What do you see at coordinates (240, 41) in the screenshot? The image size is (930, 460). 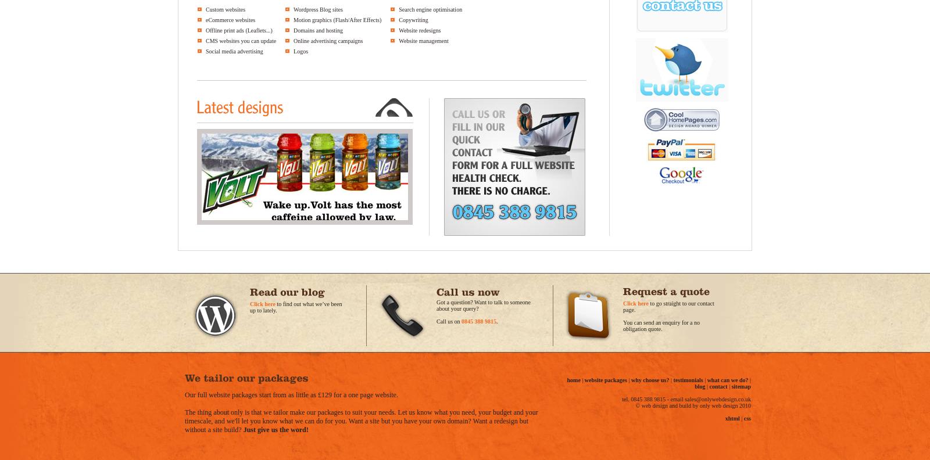 I see `'CMS websites you can update'` at bounding box center [240, 41].